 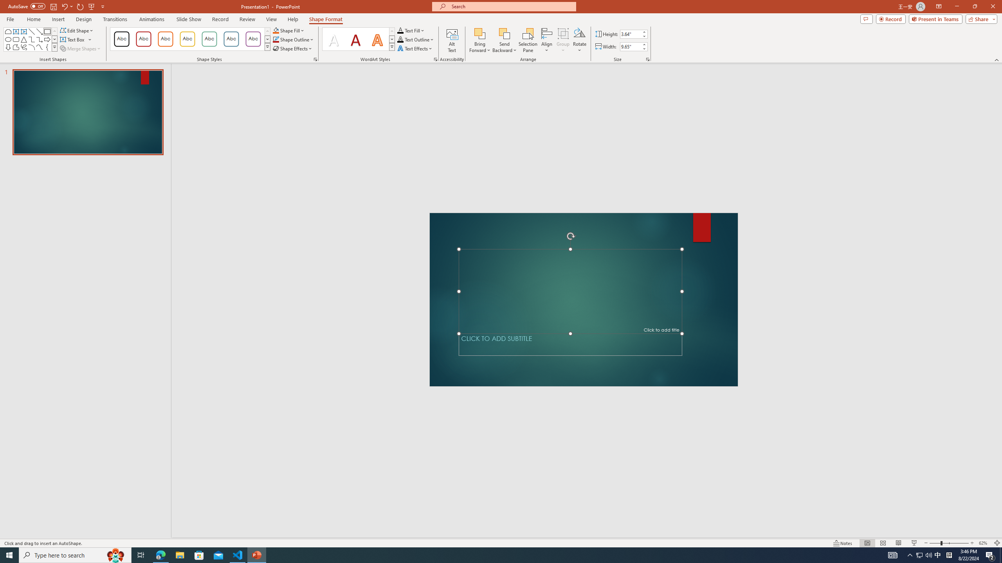 I want to click on 'Colored Outline - Gold, Accent 3', so click(x=187, y=39).